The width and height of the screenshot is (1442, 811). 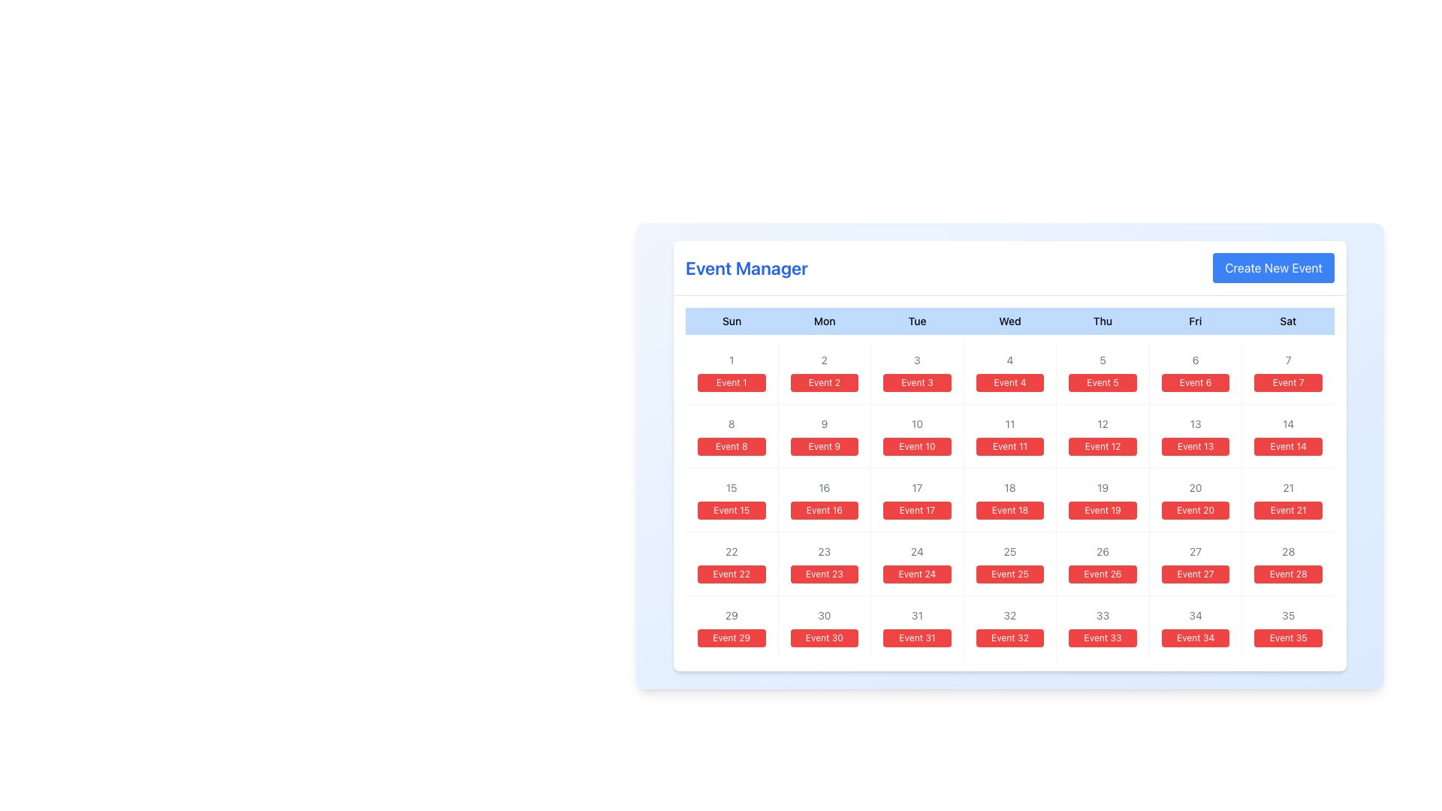 What do you see at coordinates (732, 574) in the screenshot?
I see `the label indicating 'Event 22' in the fourth row and first column of the calendar interface, which is a non-interactive decorative text element providing information` at bounding box center [732, 574].